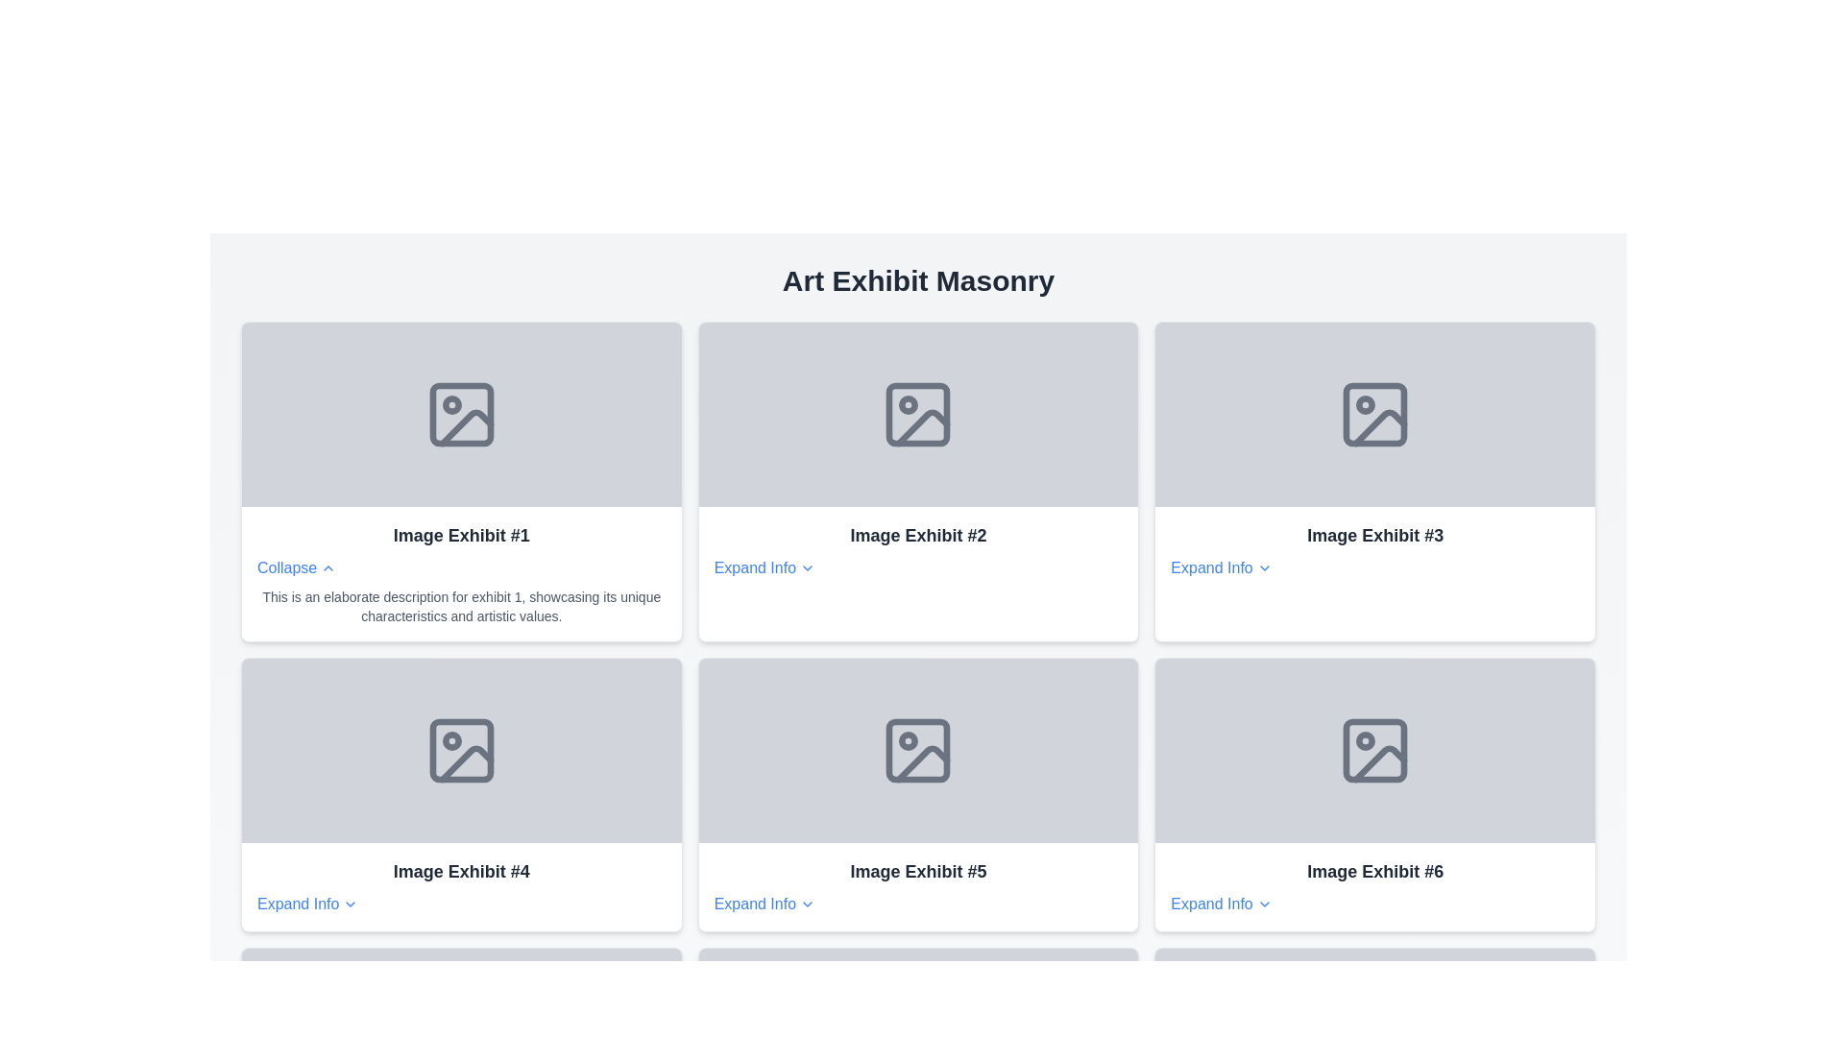 This screenshot has height=1037, width=1844. Describe the element at coordinates (917, 750) in the screenshot. I see `the graphical icon styled to resemble a picture frame with rounded corners located in the central-bottom panel labeled 'Image Exhibit #5' to interact with its underlying function` at that location.